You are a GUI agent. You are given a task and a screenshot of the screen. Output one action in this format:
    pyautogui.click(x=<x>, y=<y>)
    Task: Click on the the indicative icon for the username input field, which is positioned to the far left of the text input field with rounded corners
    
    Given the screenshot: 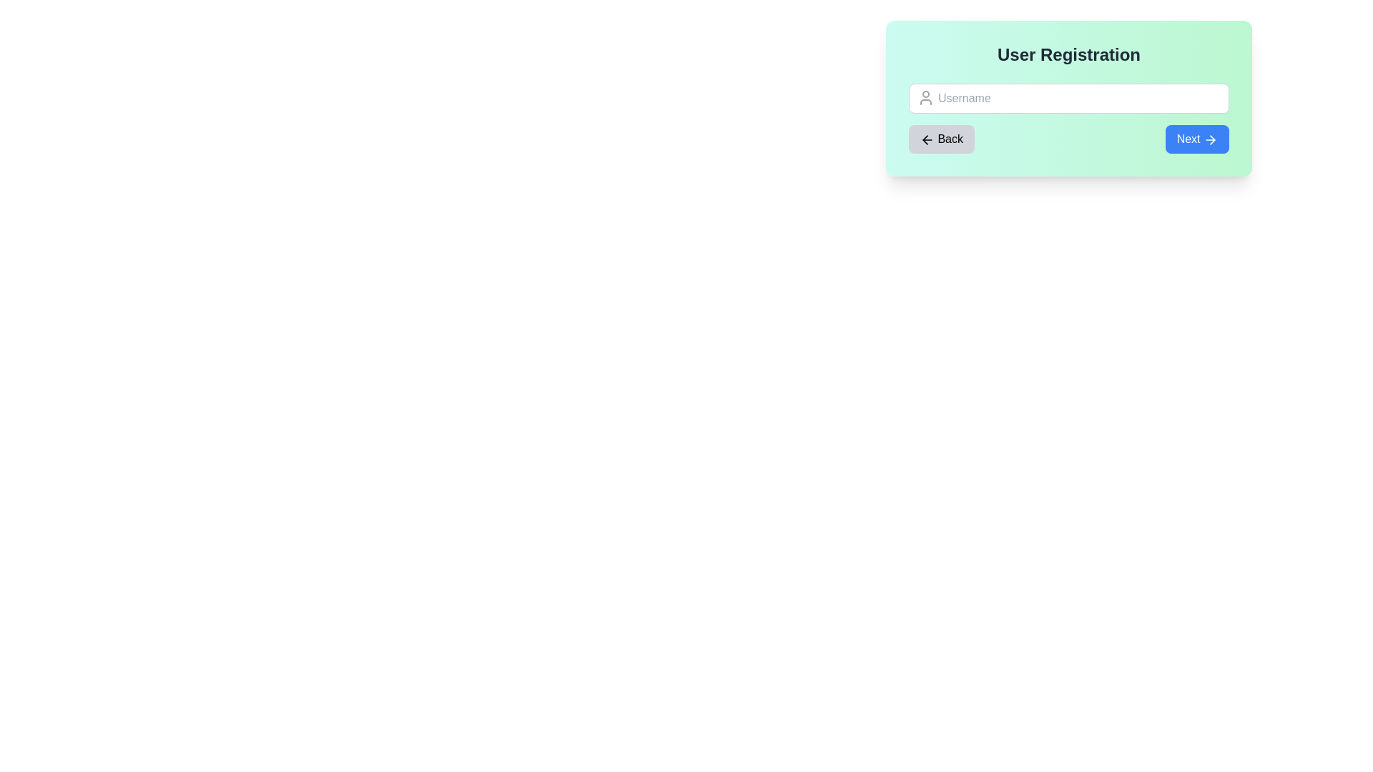 What is the action you would take?
    pyautogui.click(x=926, y=97)
    